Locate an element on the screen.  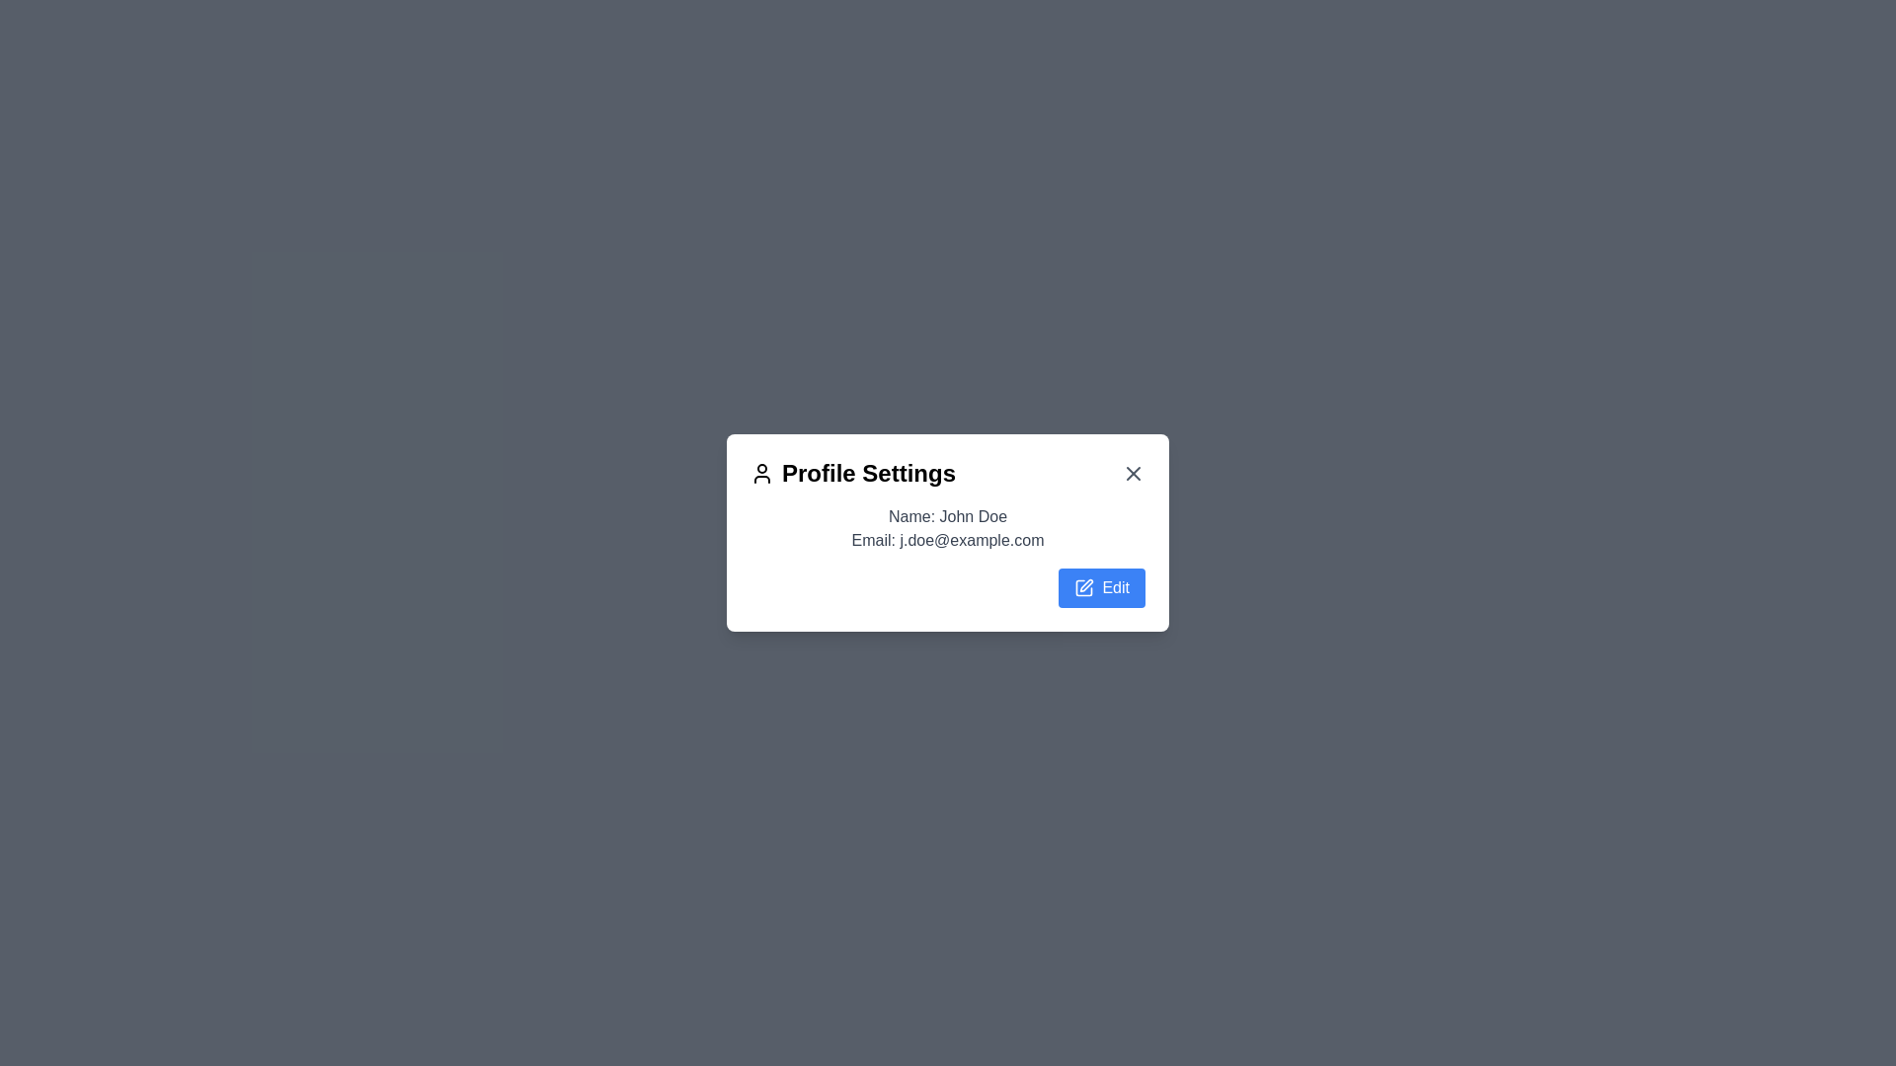
the close button at the top-right of the modal dialog is located at coordinates (1133, 473).